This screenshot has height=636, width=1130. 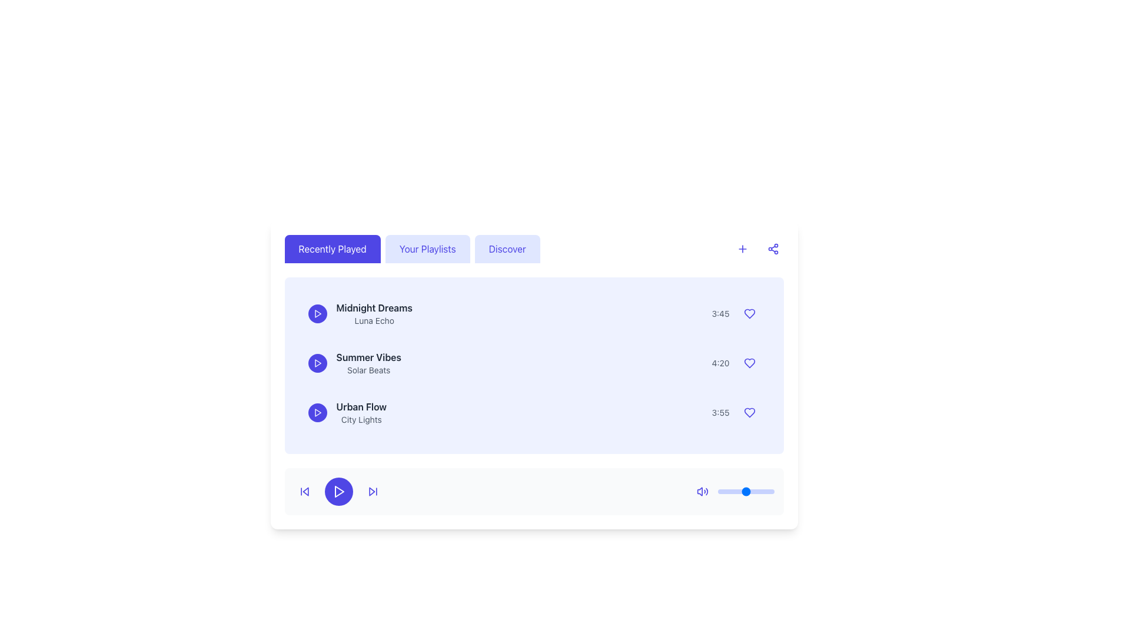 What do you see at coordinates (740, 491) in the screenshot?
I see `the slider` at bounding box center [740, 491].